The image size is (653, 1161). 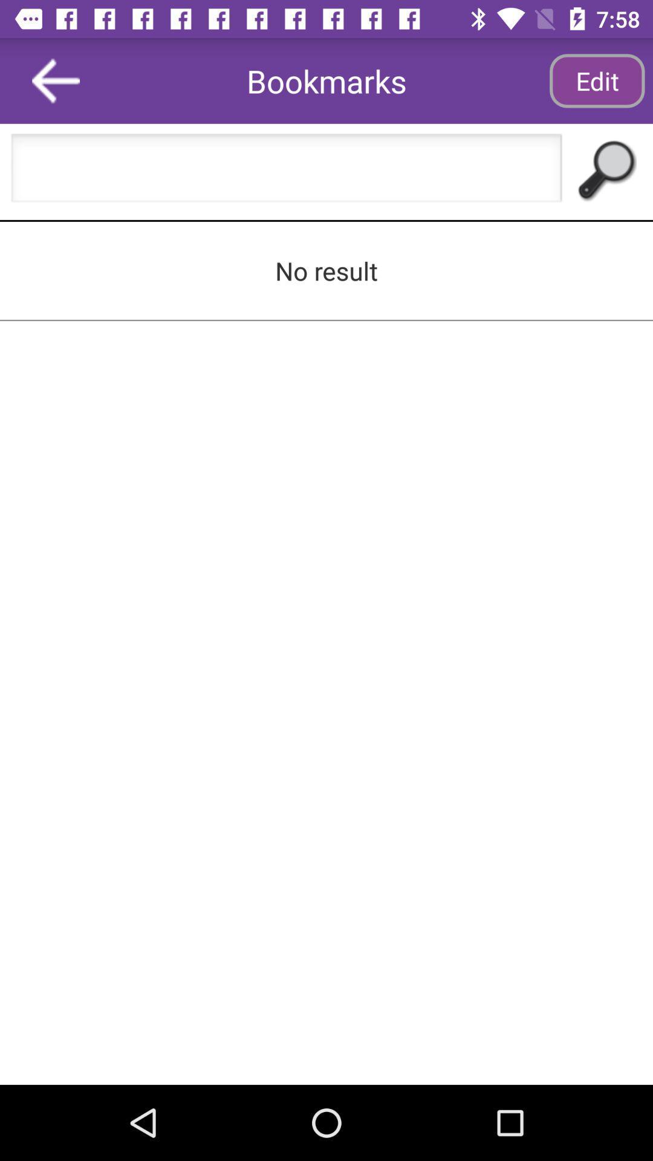 I want to click on edit item, so click(x=596, y=80).